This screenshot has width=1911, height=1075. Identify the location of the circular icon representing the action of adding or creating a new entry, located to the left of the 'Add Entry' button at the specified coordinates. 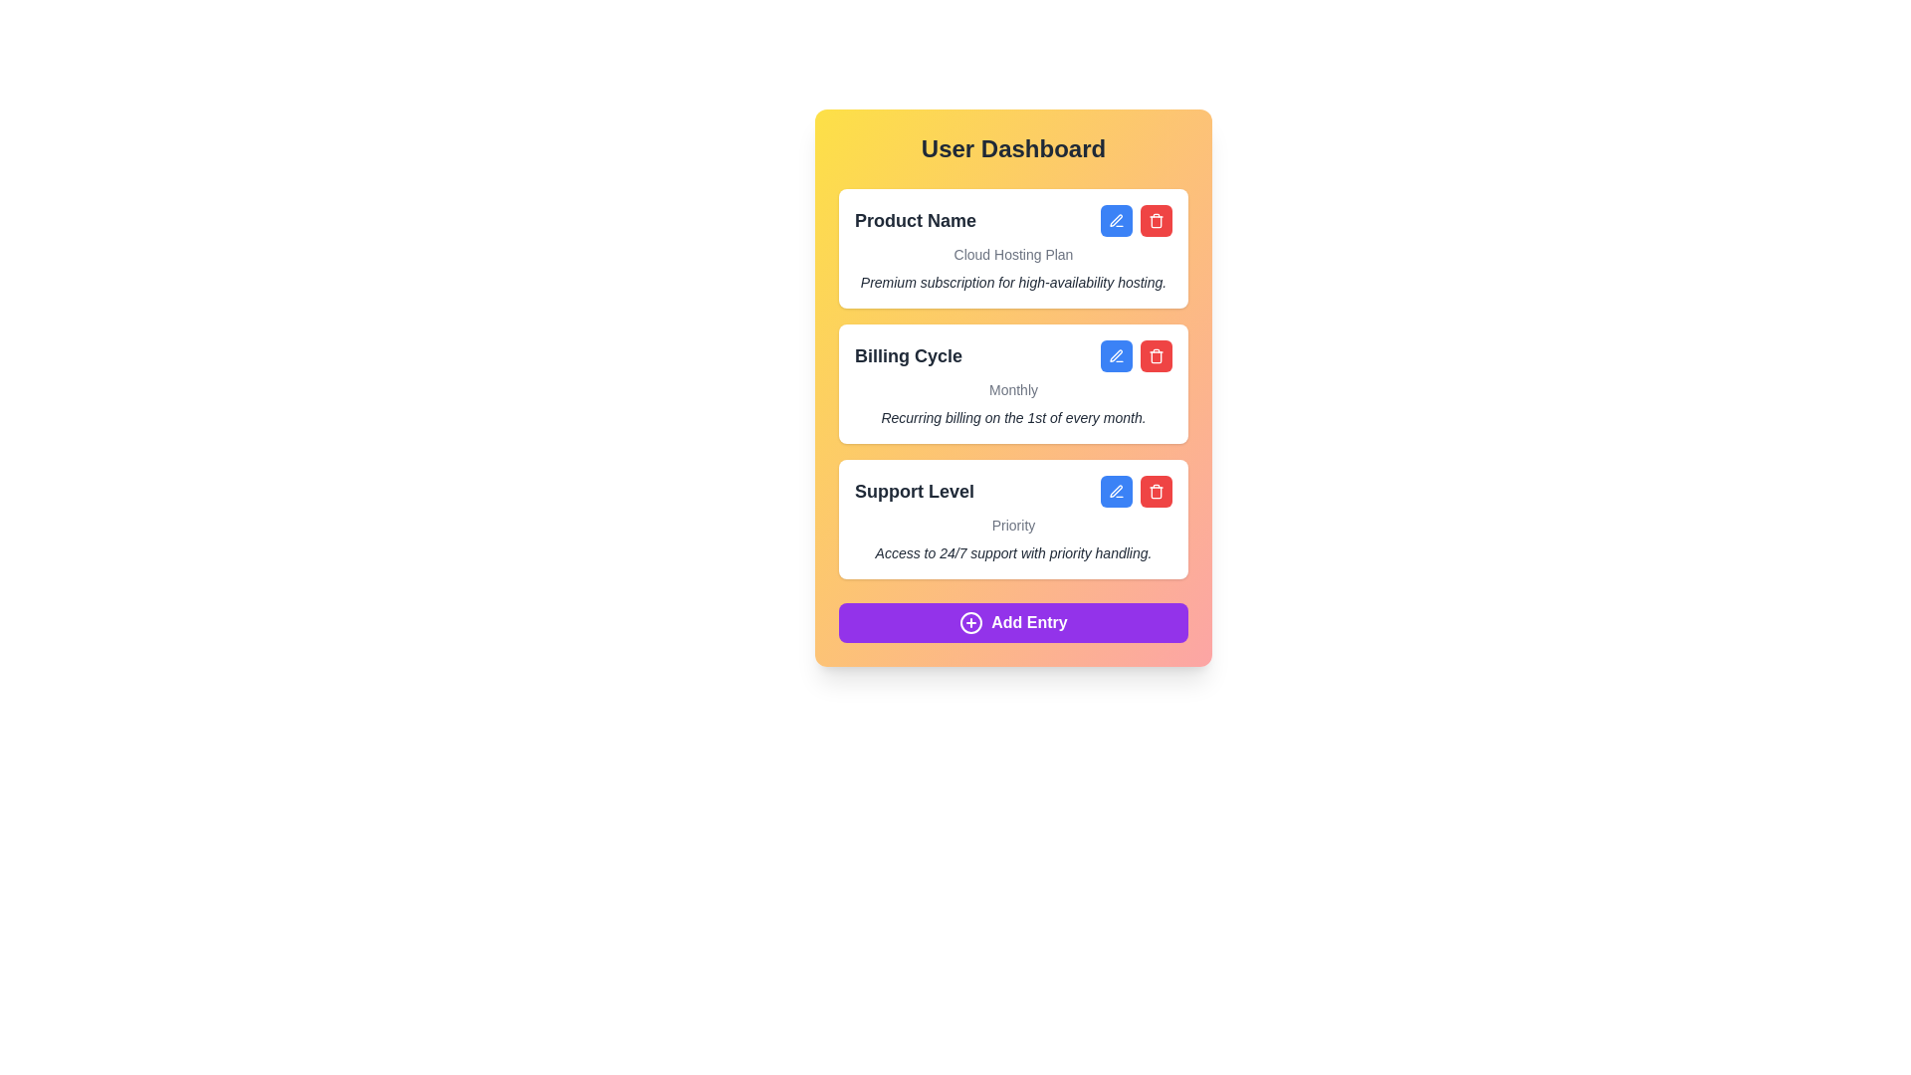
(971, 621).